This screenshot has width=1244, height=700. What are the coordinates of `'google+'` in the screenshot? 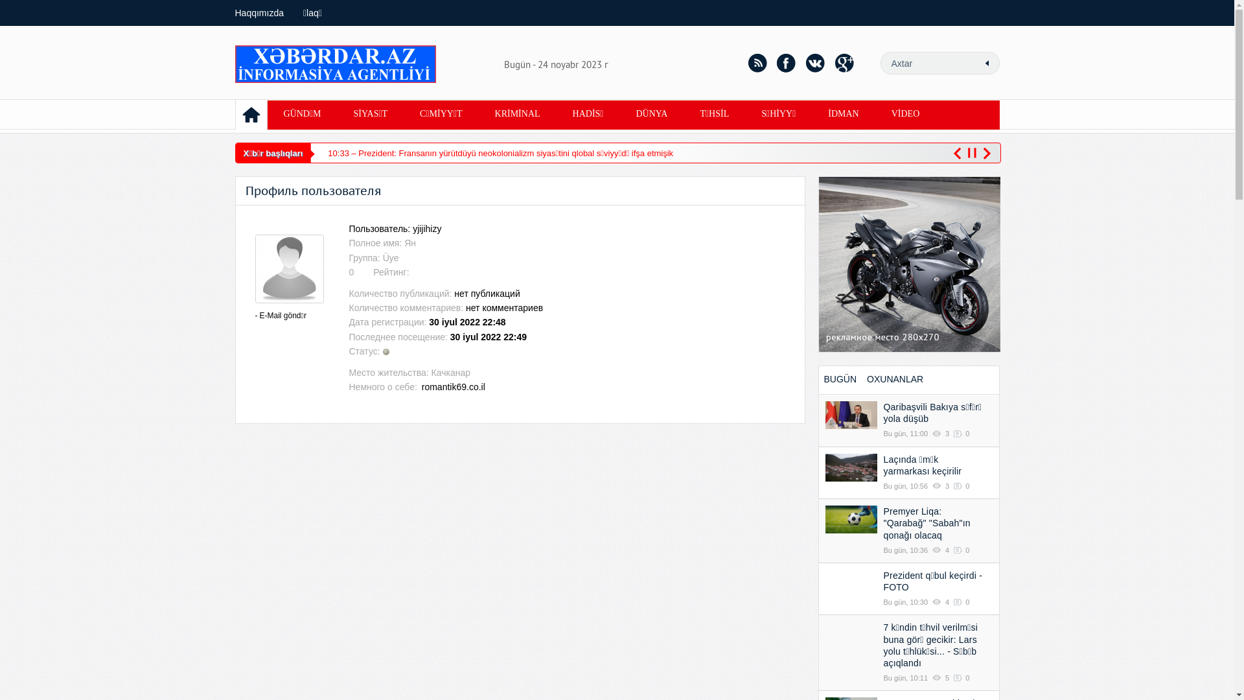 It's located at (844, 62).